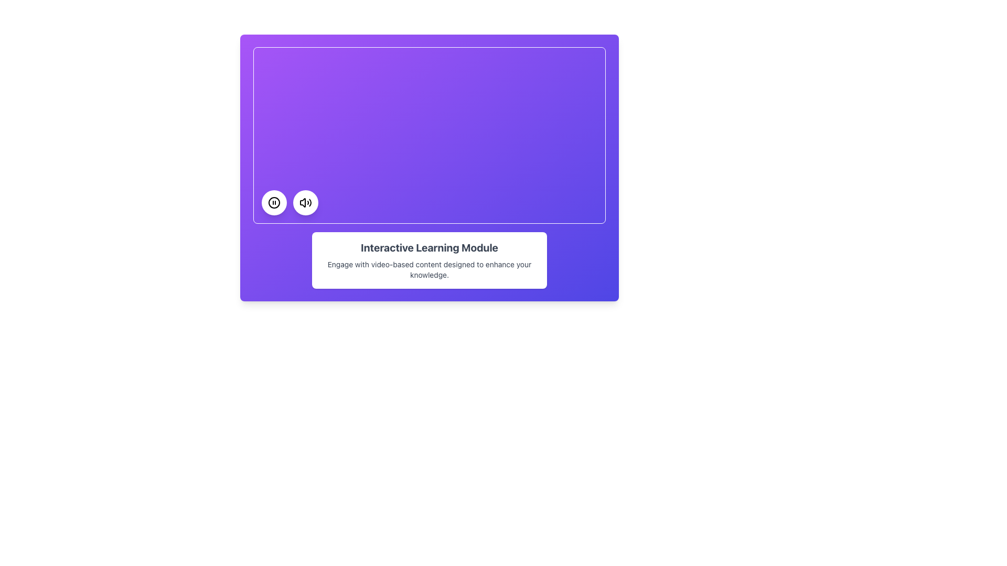  I want to click on the SVG Circle element that serves as a visual feature indicating a 'pause' action, located in the bottom-left of a purple rectangle area, adjacent to a speaker icon, by moving the cursor to its center point, so click(274, 202).